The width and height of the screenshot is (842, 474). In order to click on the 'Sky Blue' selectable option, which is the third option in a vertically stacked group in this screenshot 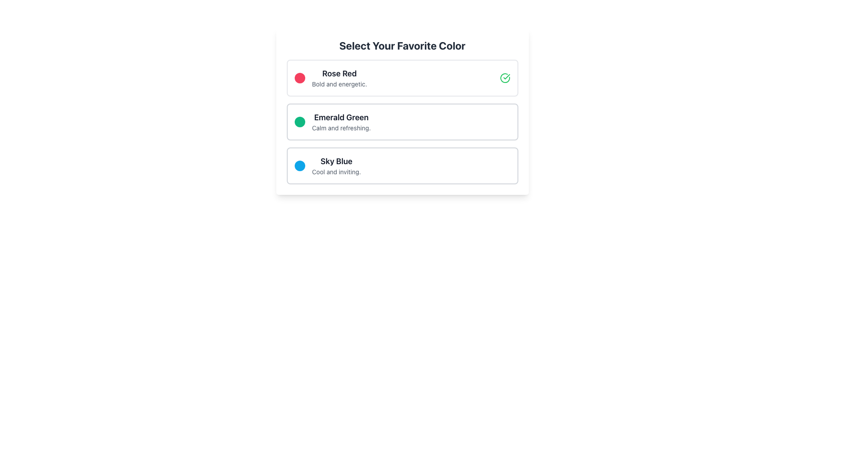, I will do `click(402, 166)`.